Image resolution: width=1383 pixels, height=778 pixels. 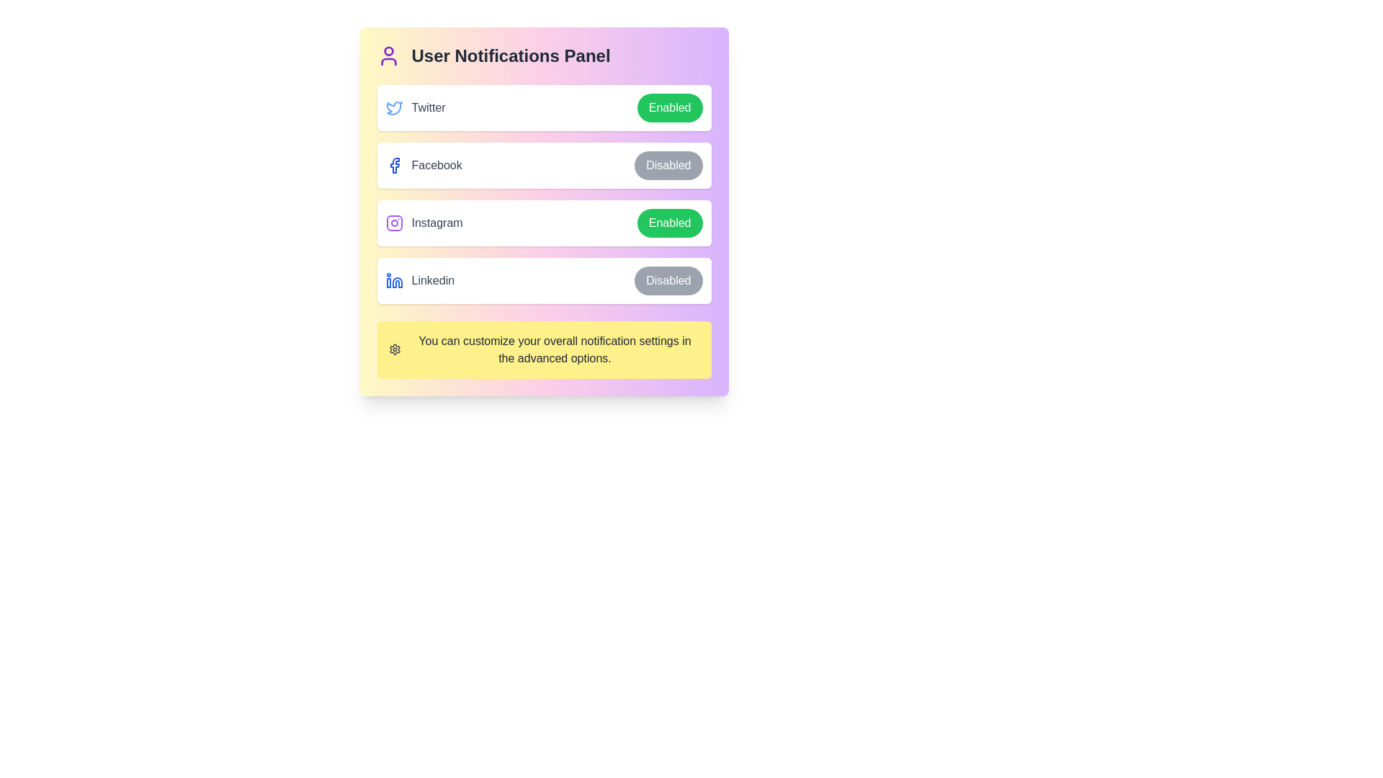 What do you see at coordinates (436, 165) in the screenshot?
I see `the 'Facebook' text label in the notification configuration panel` at bounding box center [436, 165].